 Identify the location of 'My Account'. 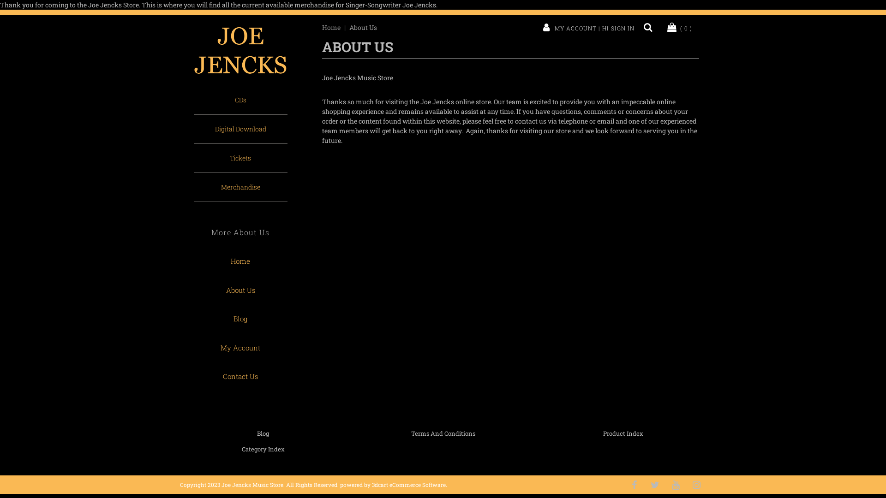
(240, 347).